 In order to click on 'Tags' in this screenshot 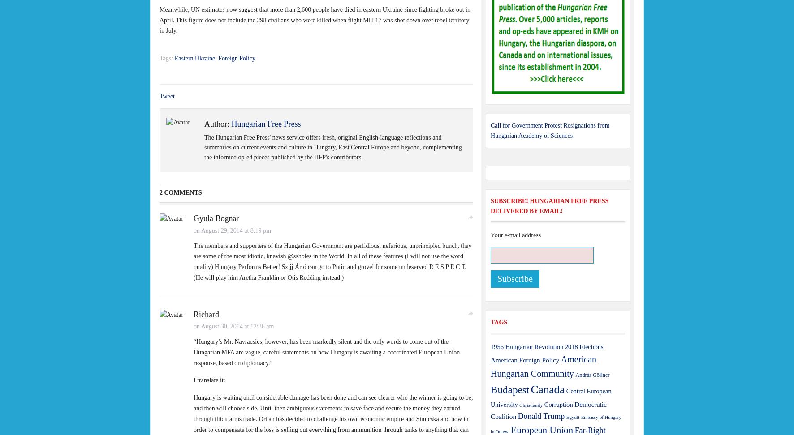, I will do `click(498, 322)`.